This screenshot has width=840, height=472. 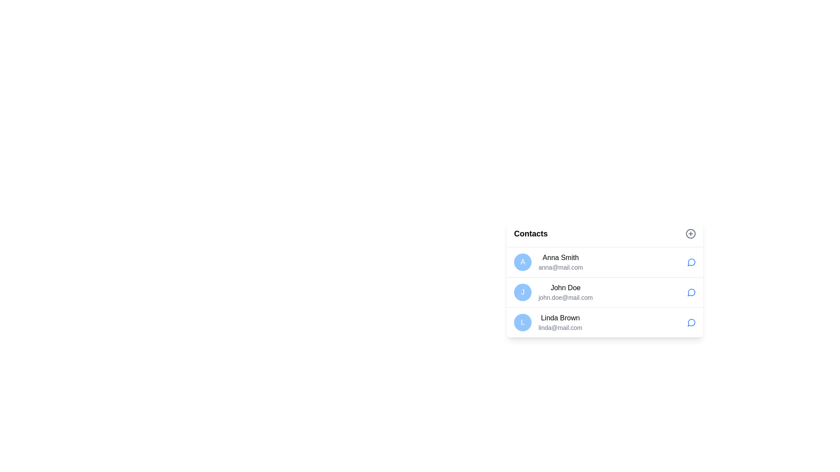 What do you see at coordinates (560, 267) in the screenshot?
I see `the email address text label located beneath 'Anna Smith' in the contact list` at bounding box center [560, 267].